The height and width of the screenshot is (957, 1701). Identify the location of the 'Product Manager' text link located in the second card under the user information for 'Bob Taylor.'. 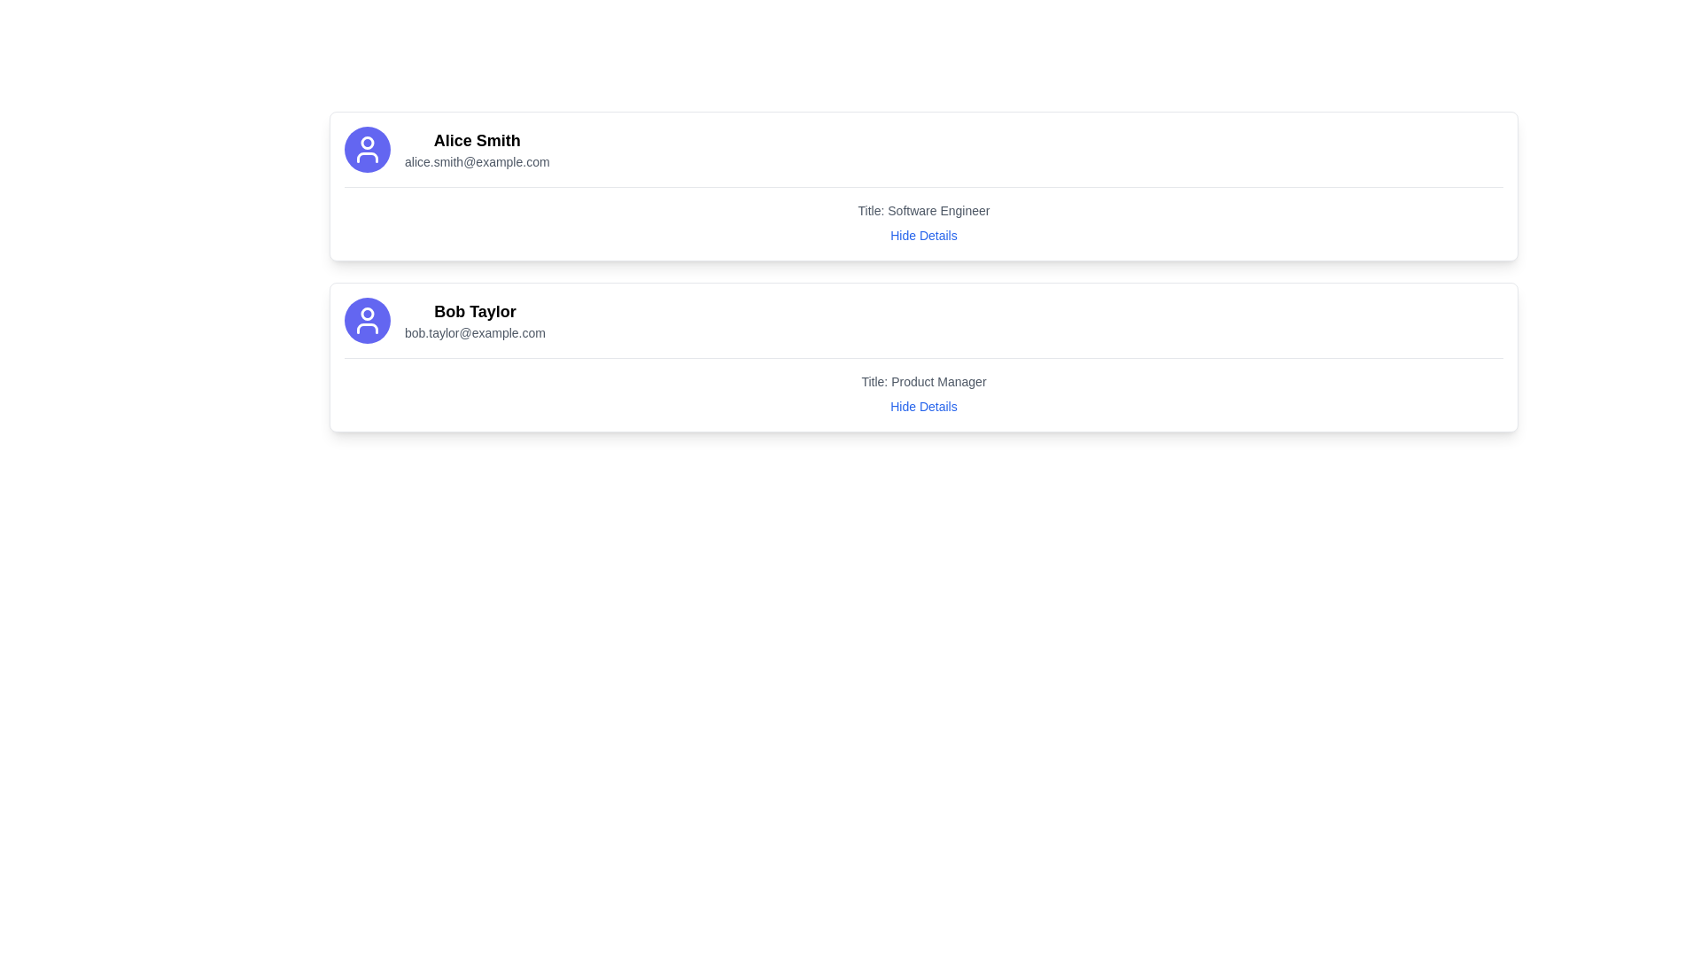
(922, 385).